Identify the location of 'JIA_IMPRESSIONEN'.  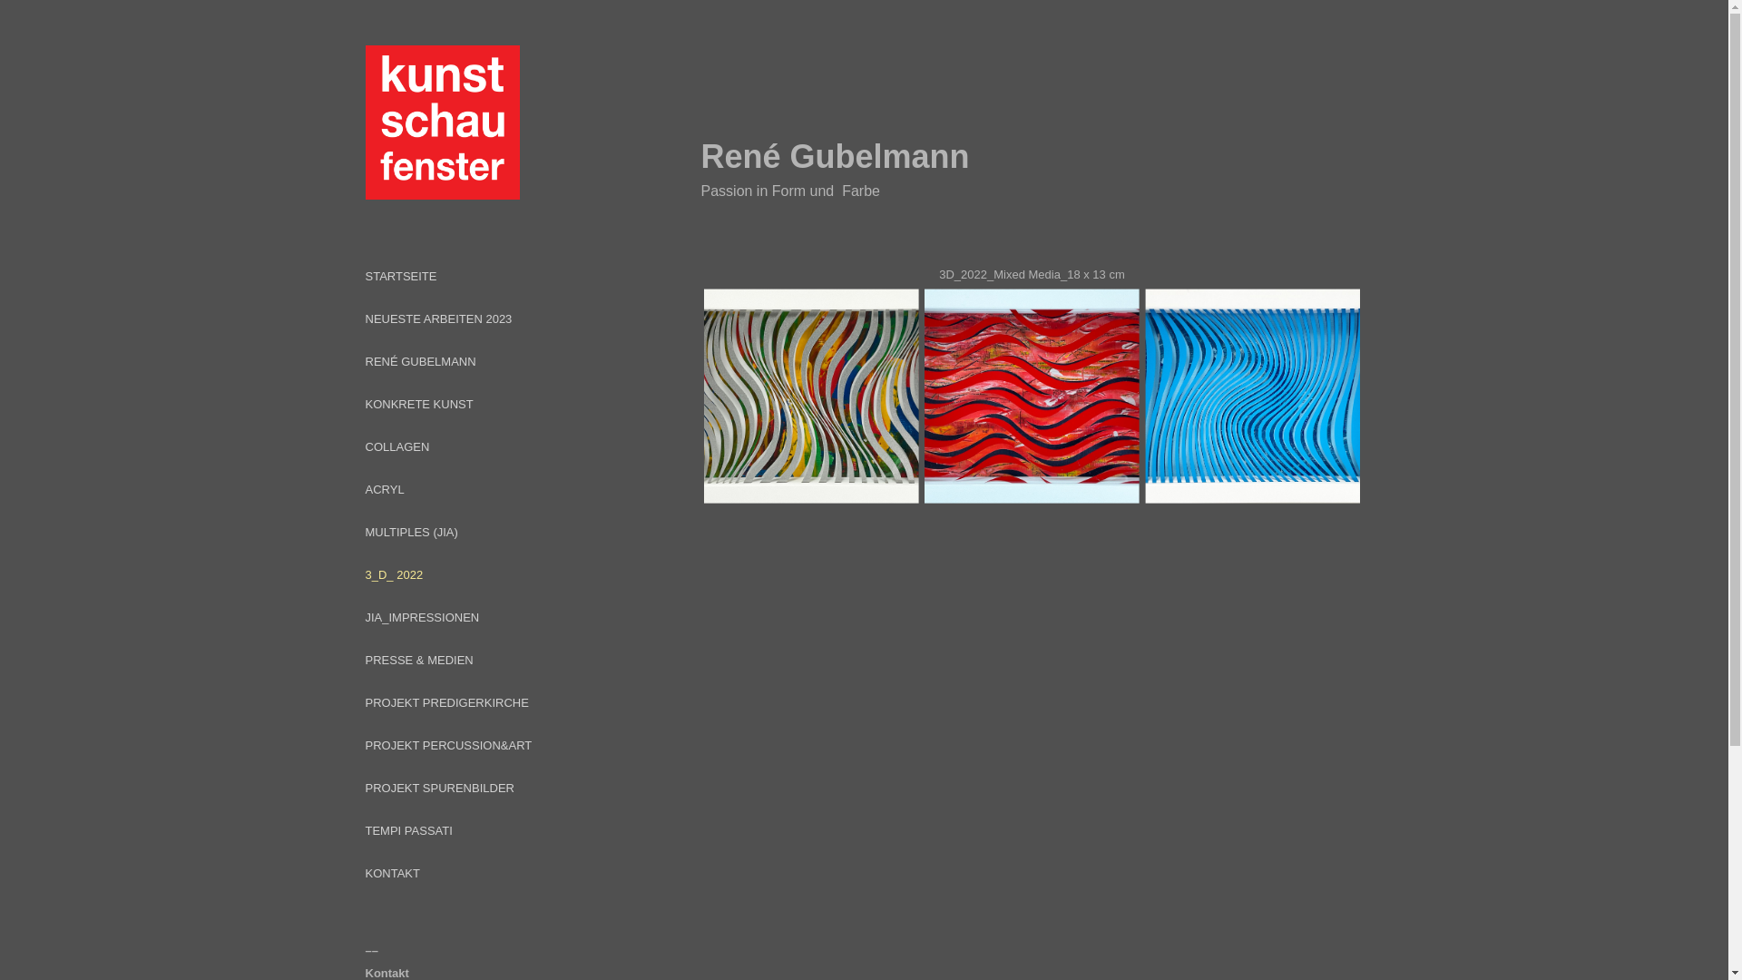
(421, 616).